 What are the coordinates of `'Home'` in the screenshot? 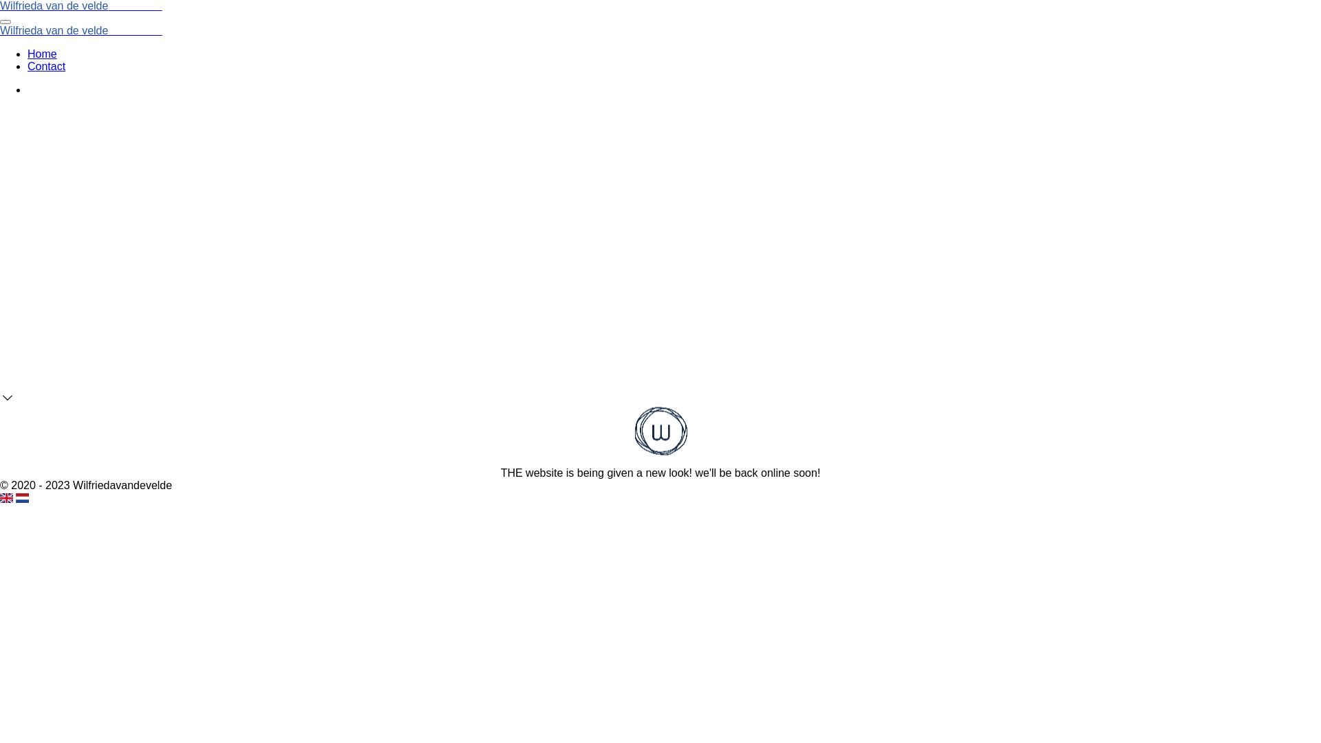 It's located at (42, 53).